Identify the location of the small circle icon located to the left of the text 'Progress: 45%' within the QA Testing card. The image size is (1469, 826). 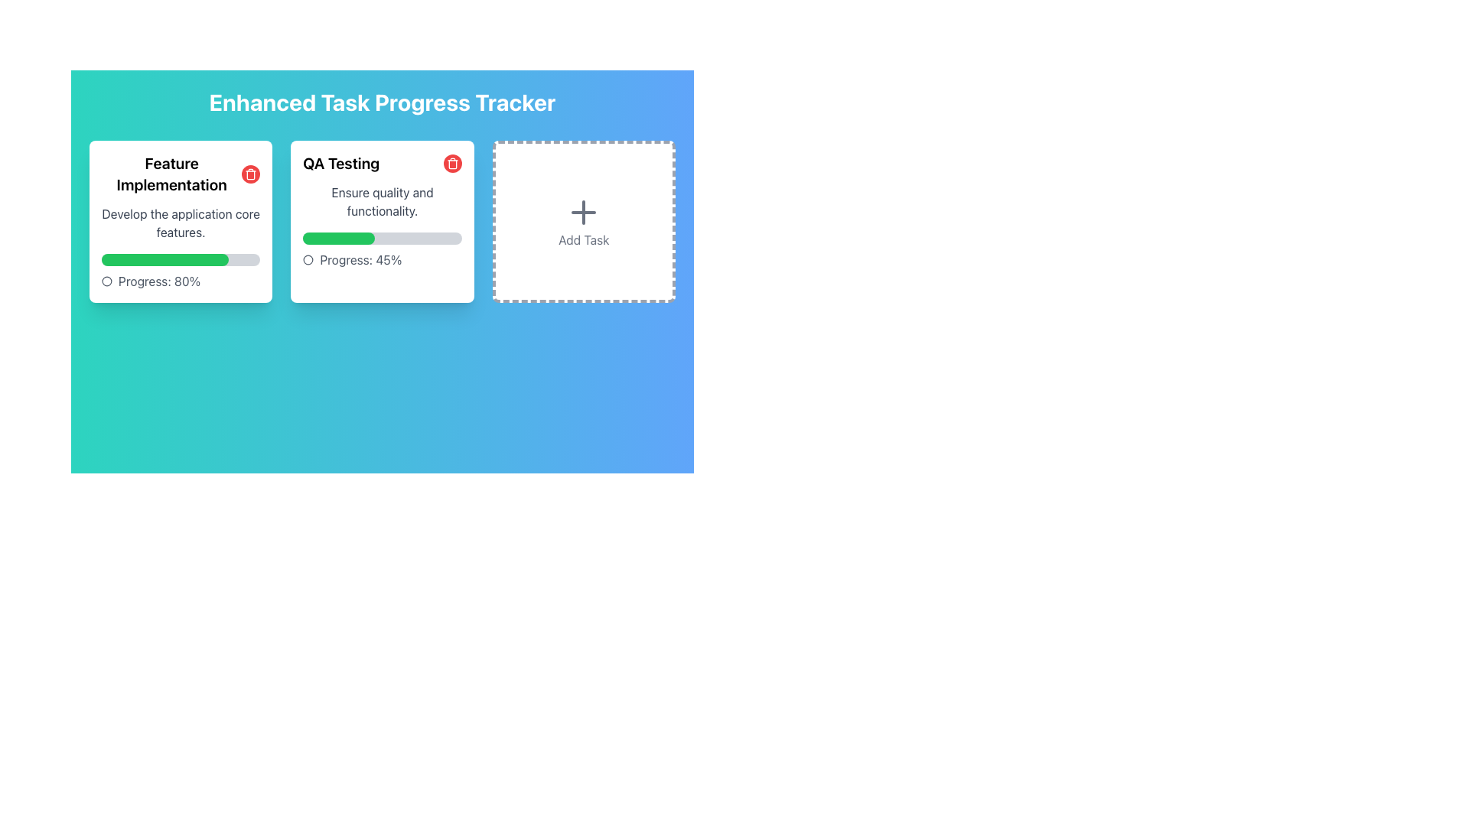
(308, 259).